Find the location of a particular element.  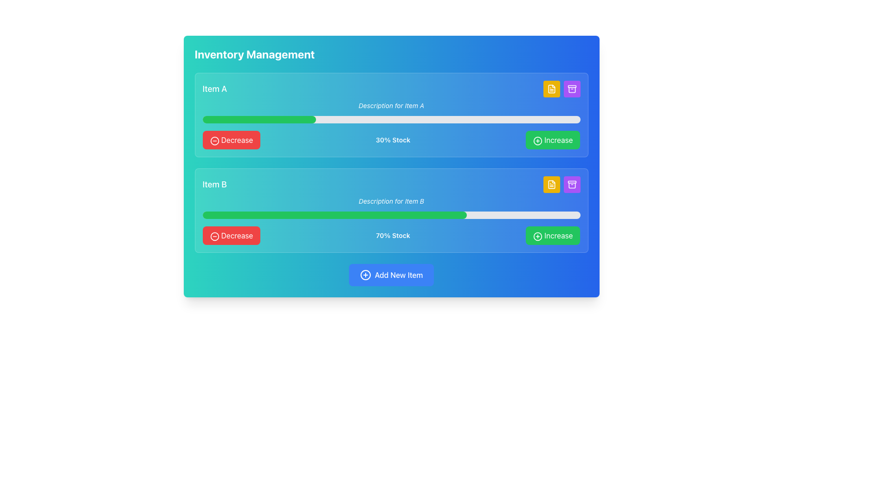

the decrement button for Item A in the inventory management interface to observe the hover effect is located at coordinates (231, 140).